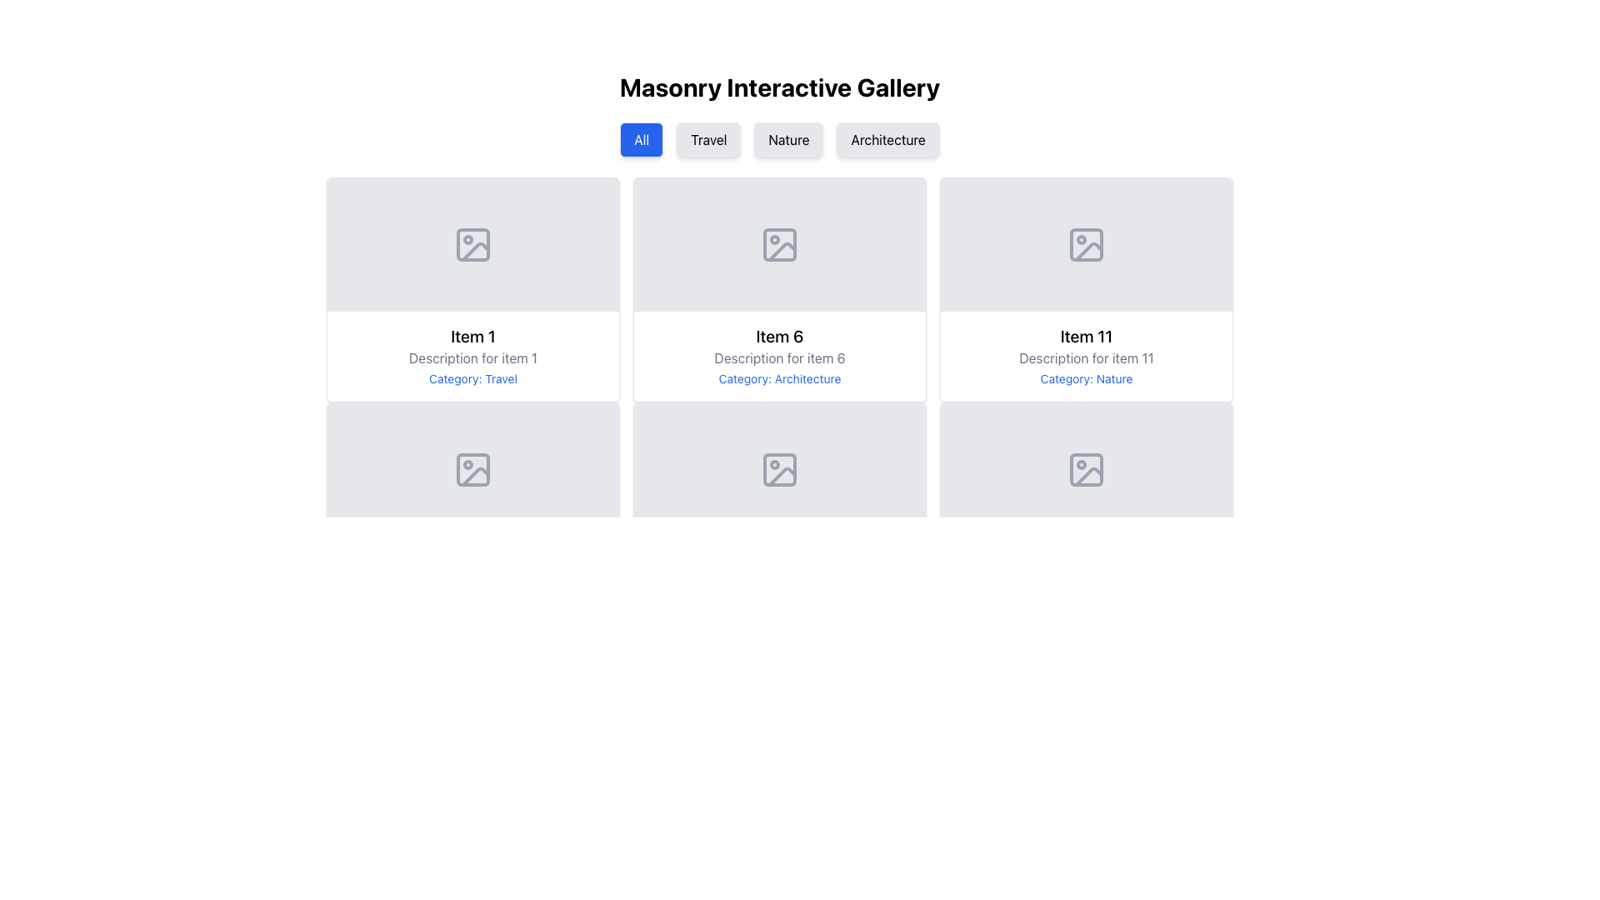 Image resolution: width=1600 pixels, height=900 pixels. What do you see at coordinates (708, 139) in the screenshot?
I see `the 'Travel' button, which is the second button from the left in a row of four buttons, to filter content related to the 'Travel' category` at bounding box center [708, 139].